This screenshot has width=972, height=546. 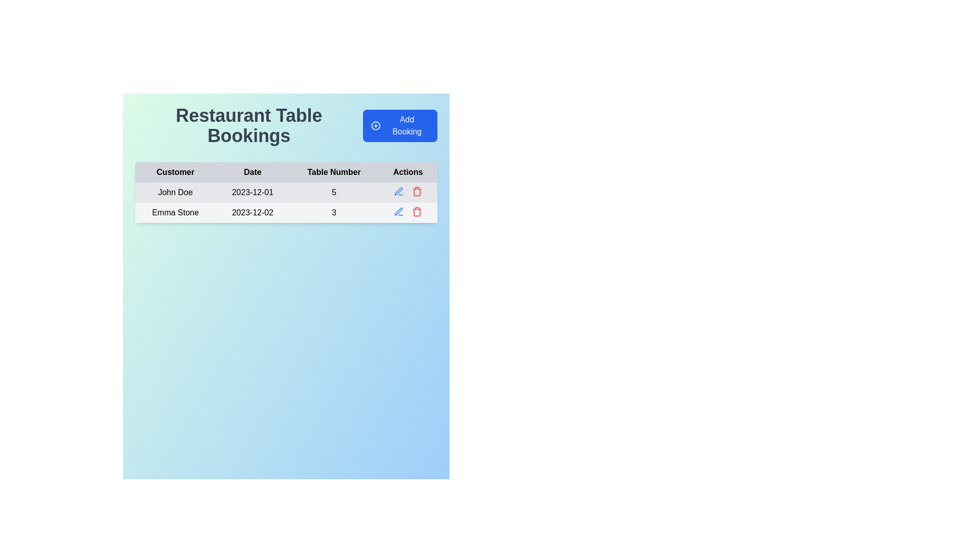 What do you see at coordinates (334, 212) in the screenshot?
I see `numeric text '3' located in the second row and third column of the table, which is styled in a simple font and centered within a light gray rectangular cell` at bounding box center [334, 212].